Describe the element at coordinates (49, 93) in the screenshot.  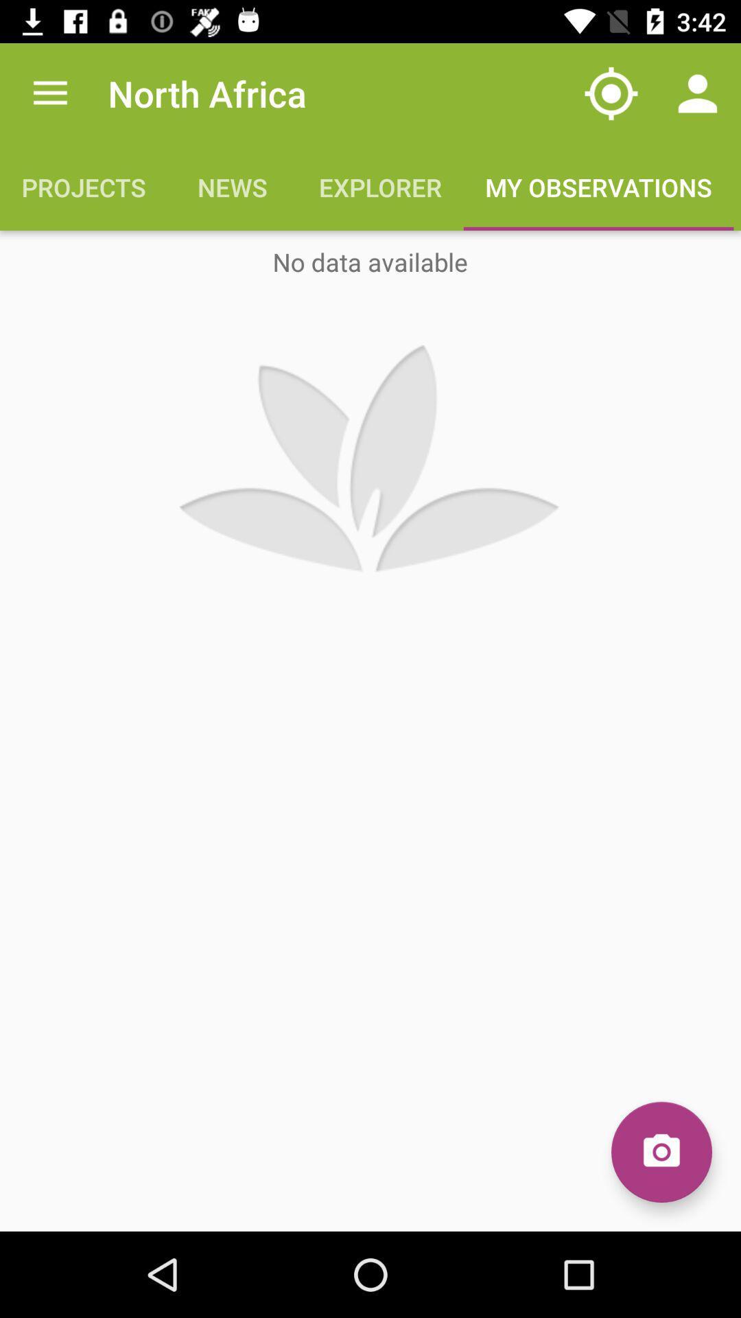
I see `item to the left of north africa app` at that location.